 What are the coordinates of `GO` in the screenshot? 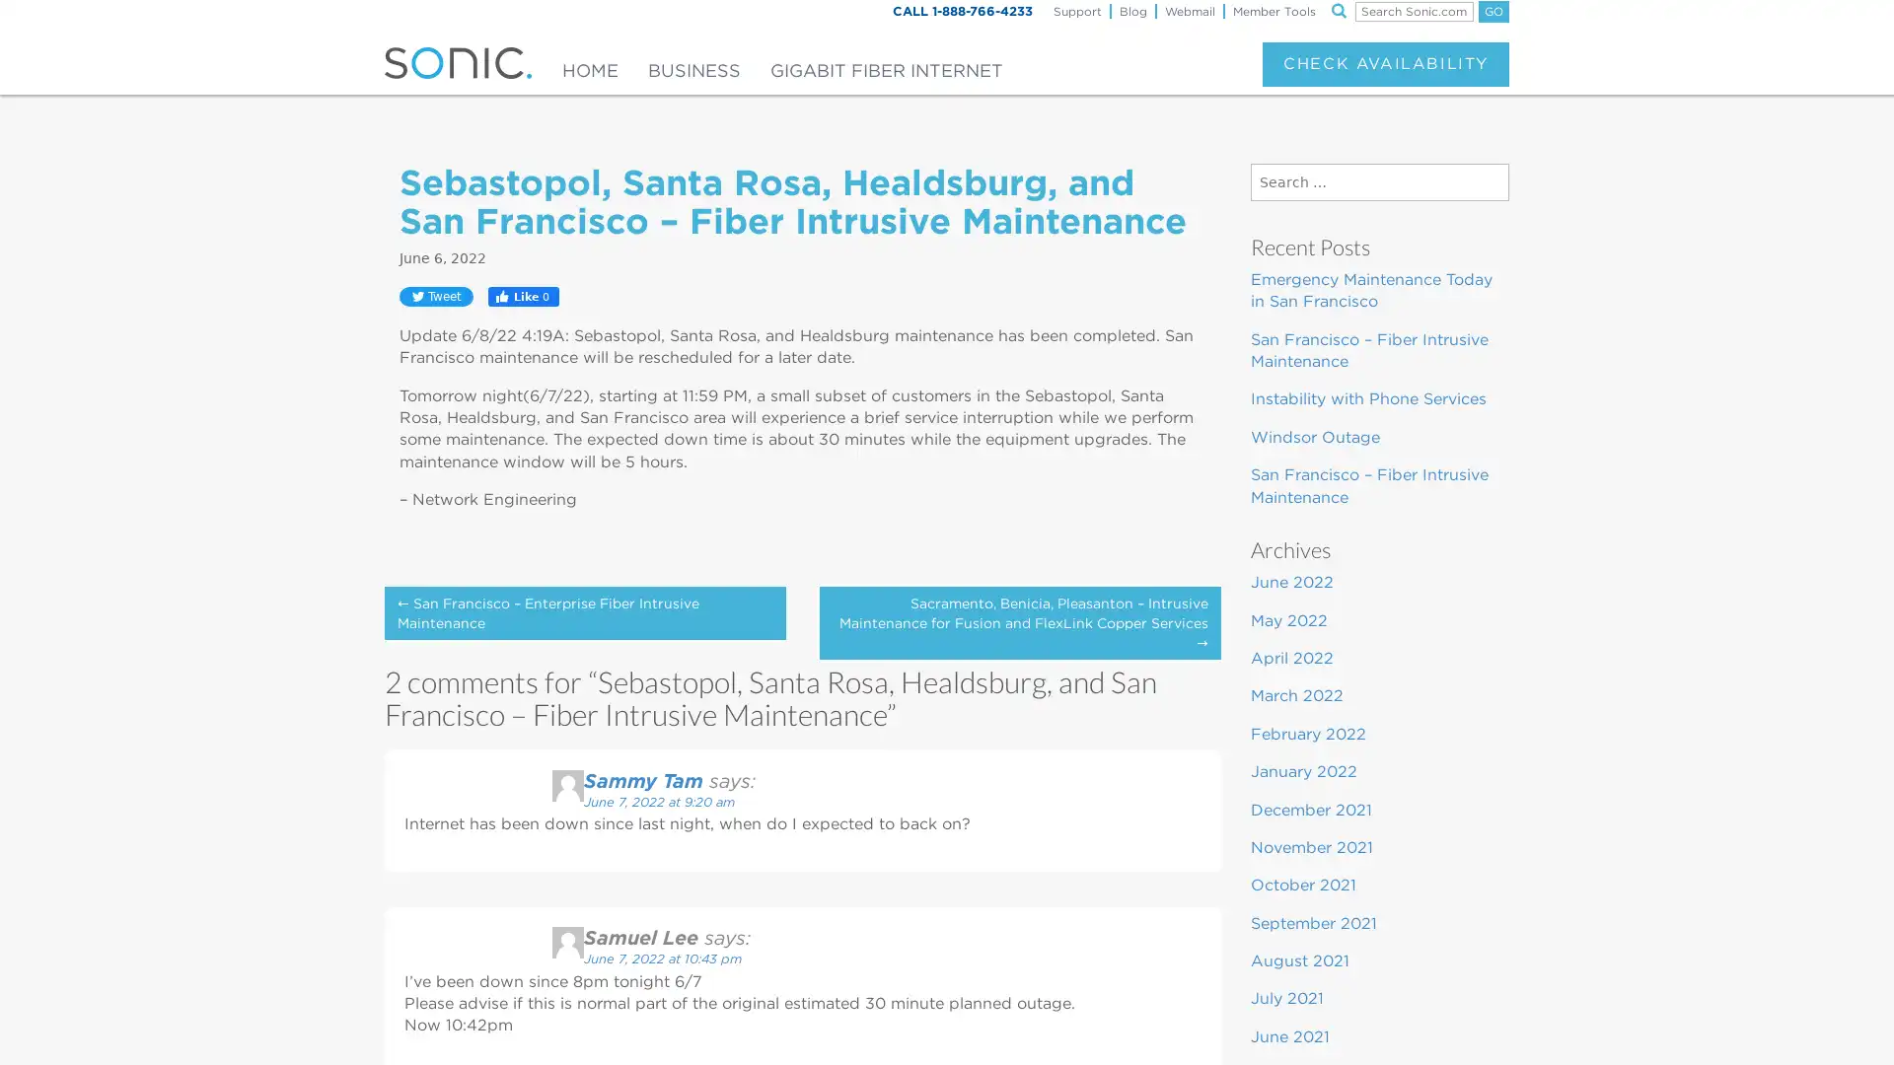 It's located at (1493, 11).